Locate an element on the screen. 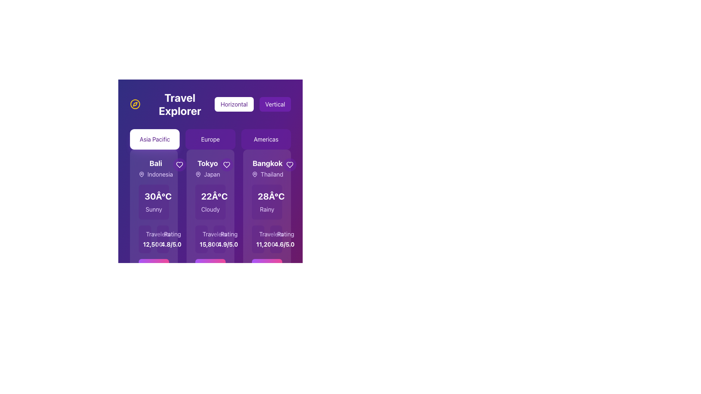 Image resolution: width=701 pixels, height=394 pixels. the 'Travelers' text label displayed in bold, purple font, located in the middle column of destination sections, just above the rating details for Tokyo is located at coordinates (214, 234).